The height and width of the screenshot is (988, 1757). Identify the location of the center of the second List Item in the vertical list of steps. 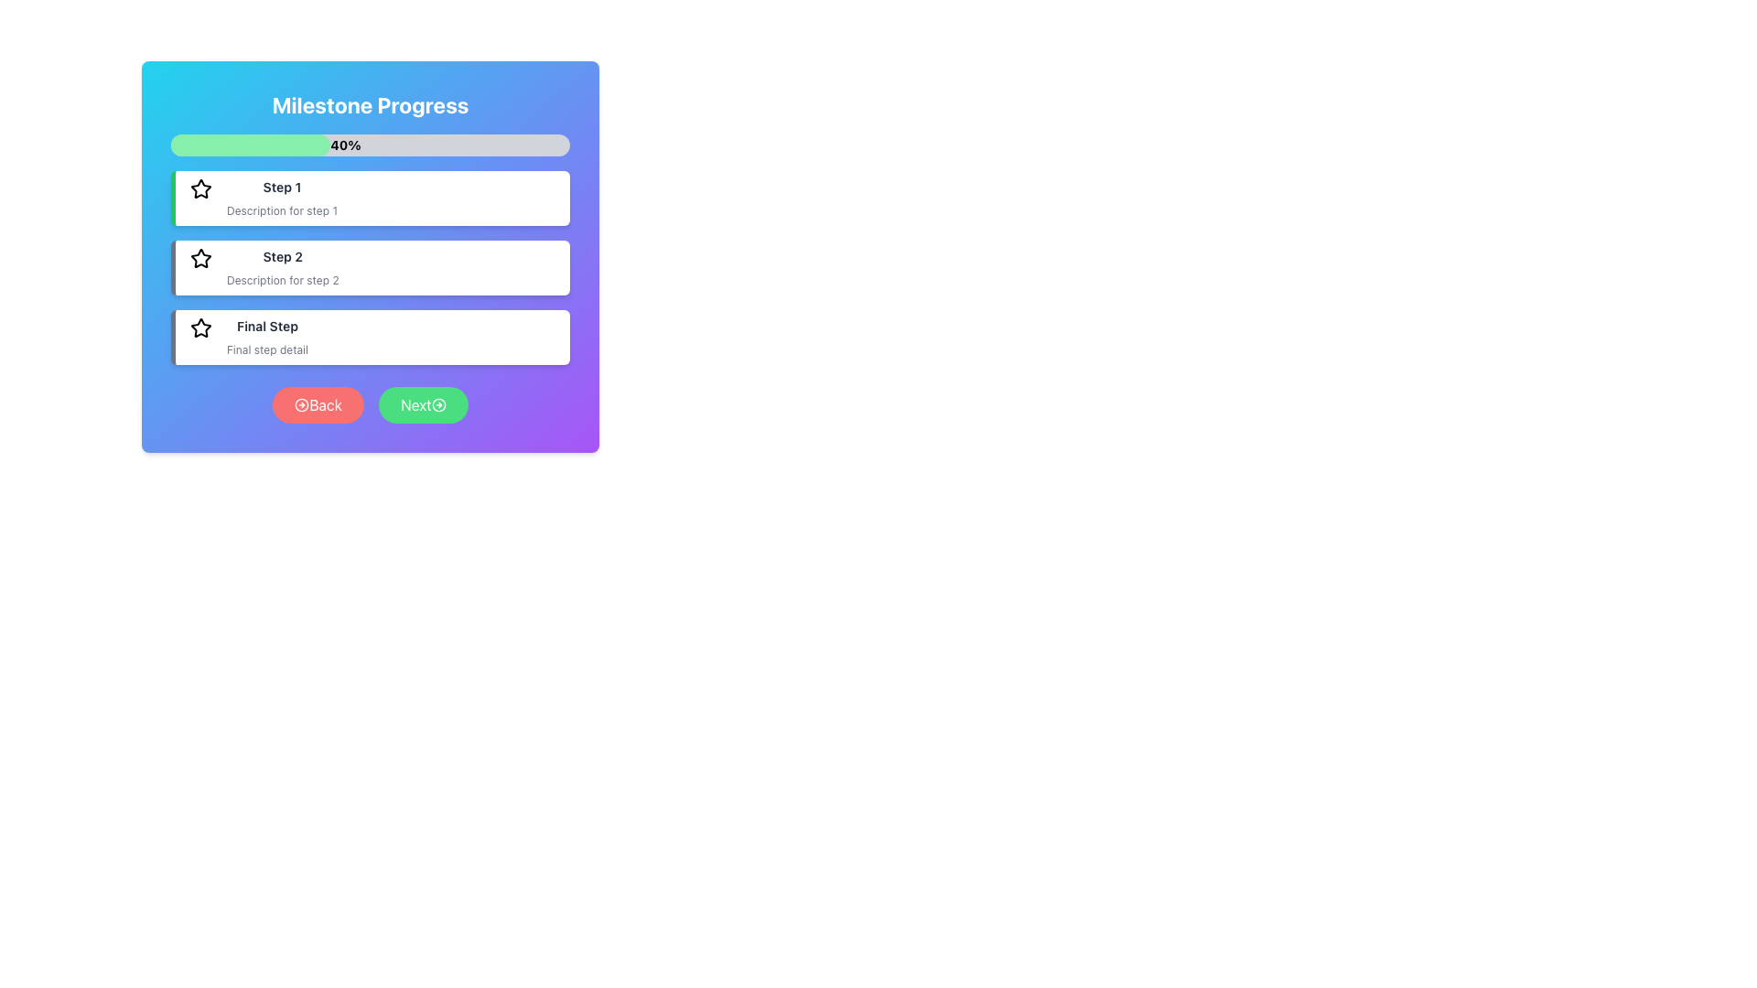
(369, 268).